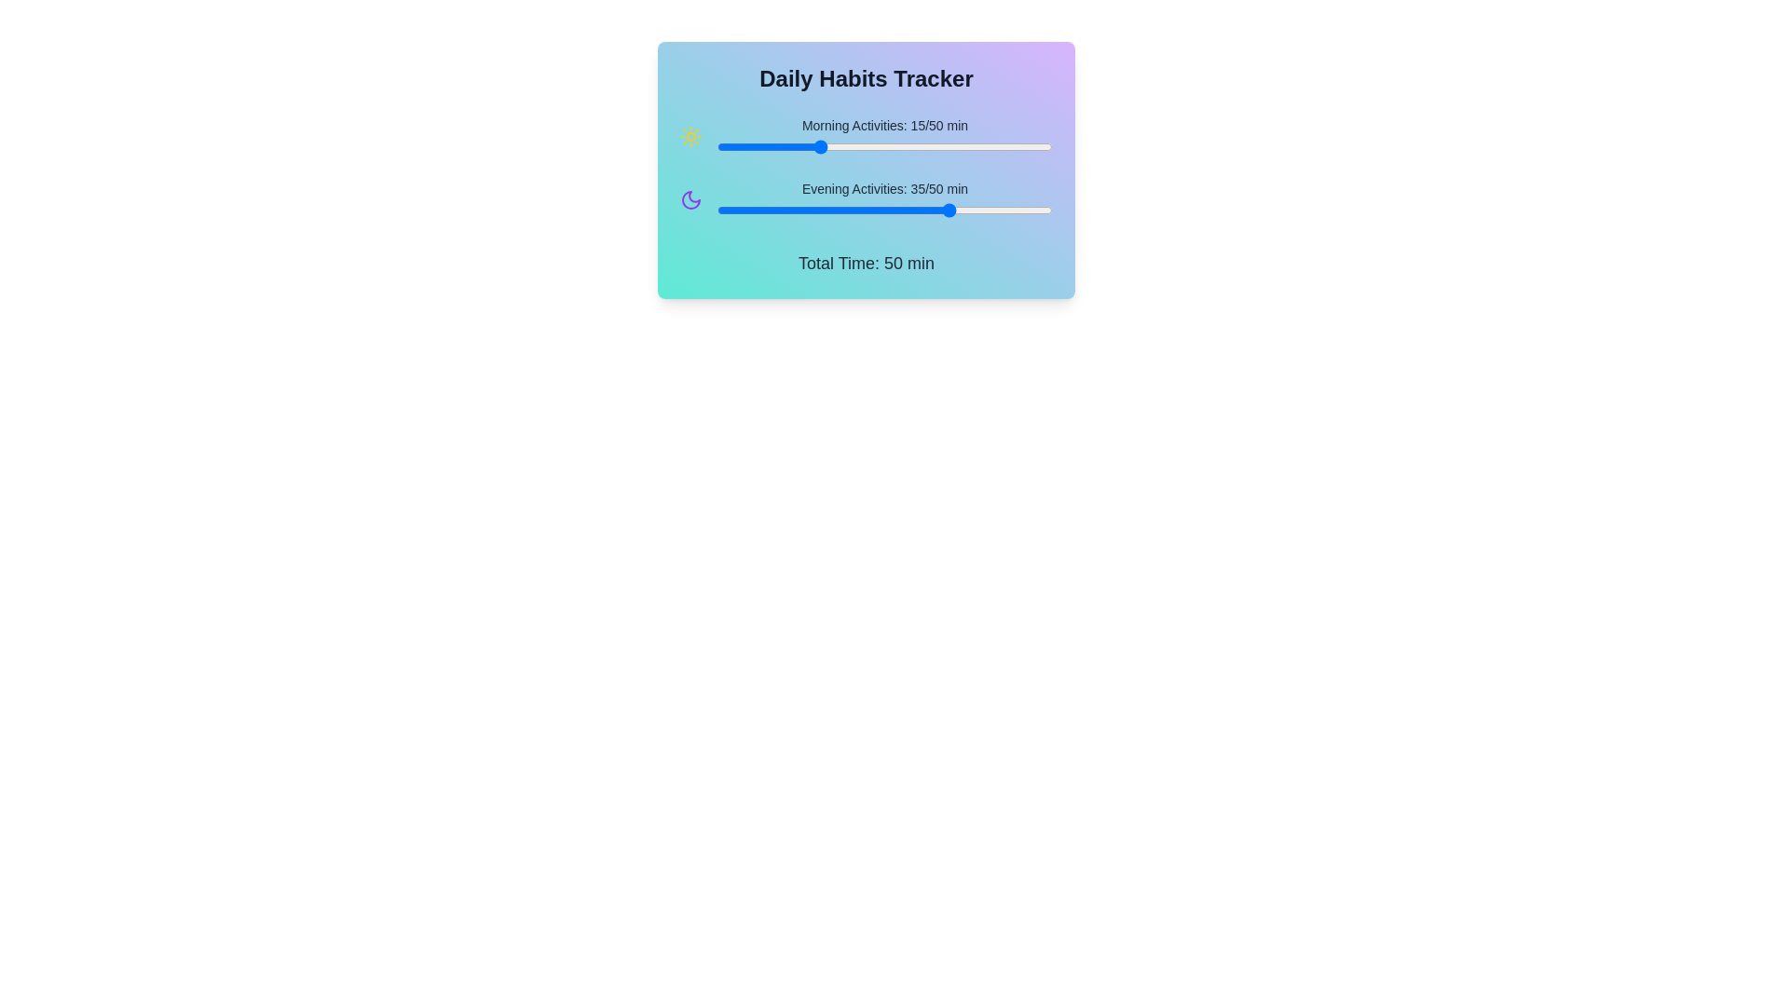 This screenshot has width=1789, height=1006. I want to click on the text label that indicates the total time spent on tracked activities, located at the bottom of the 'Daily Habits Tracker' card, so click(866, 263).